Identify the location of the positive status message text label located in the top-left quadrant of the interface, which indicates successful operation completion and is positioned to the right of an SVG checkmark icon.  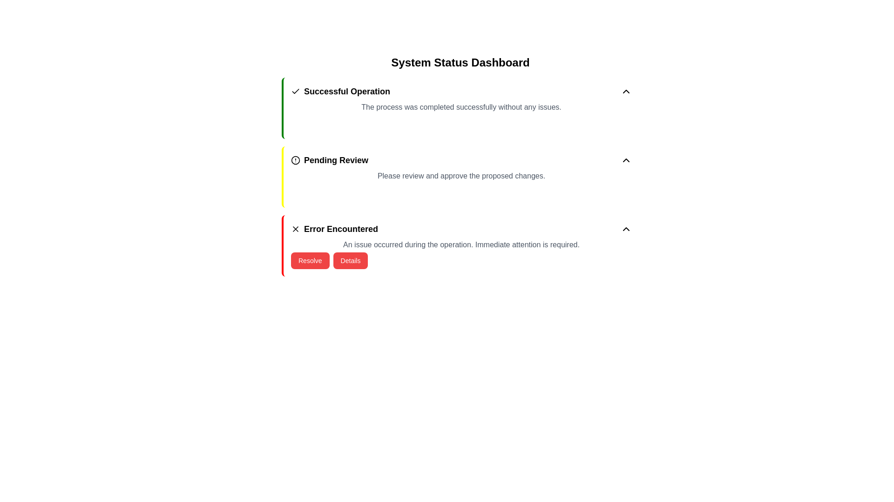
(346, 91).